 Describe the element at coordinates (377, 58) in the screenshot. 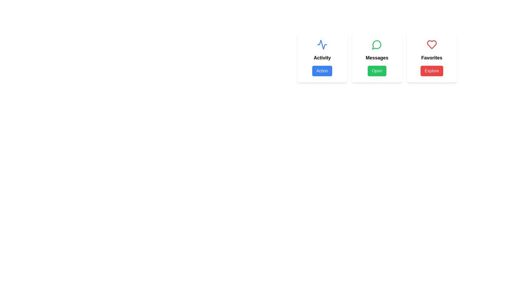

I see `the 'Messages' text label, which is centrally aligned below the chat bubble icon and above the 'Open' button in the second card of a horizontal layout` at that location.